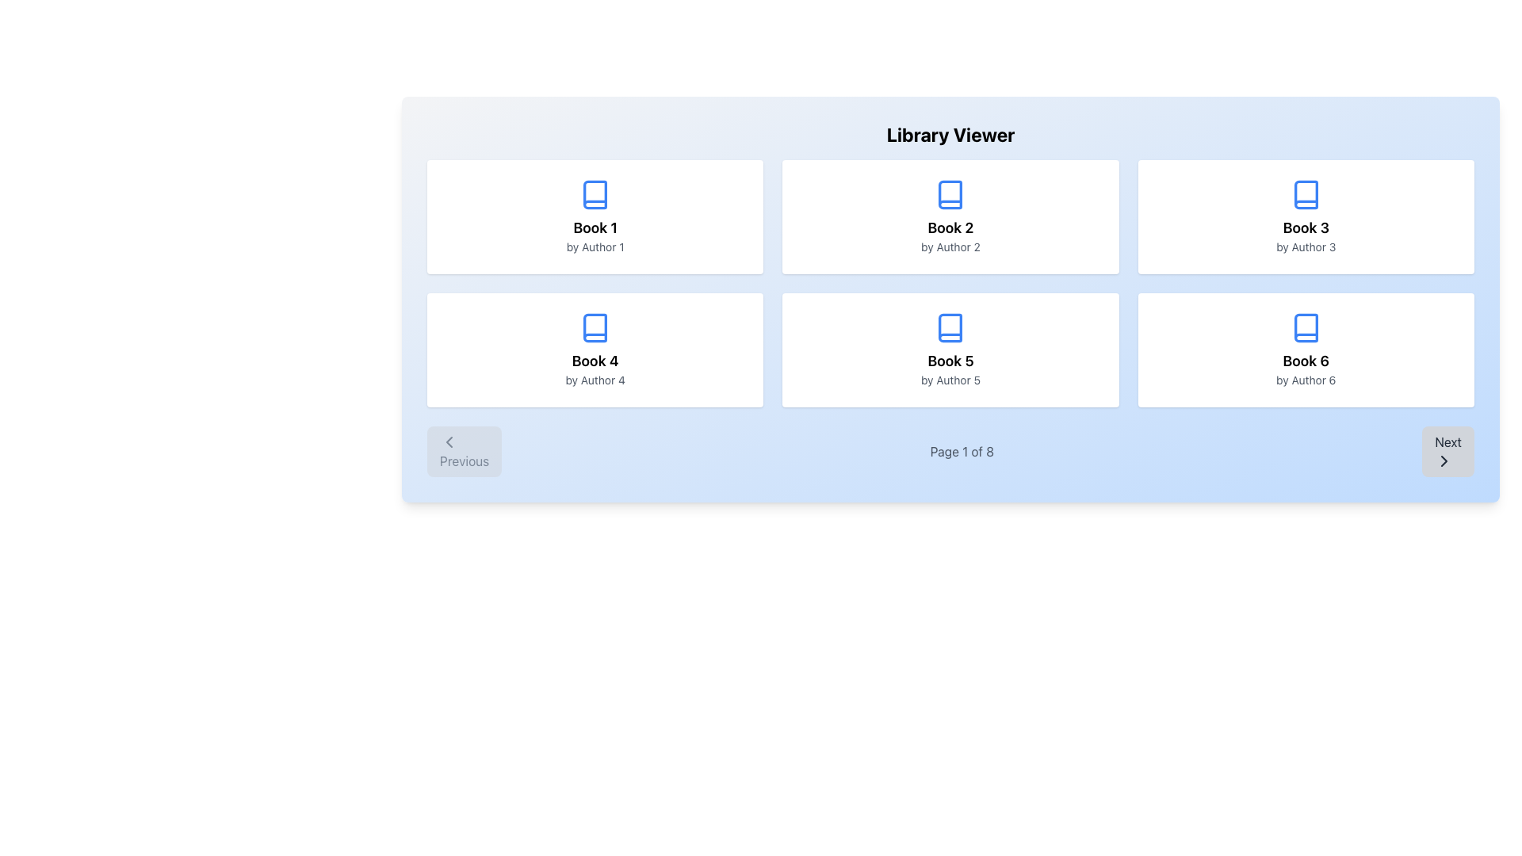  I want to click on the SVG Icon representing 'Book 3 by Author 3' which is visually positioned above the book's title and author name within the card, so click(1306, 194).